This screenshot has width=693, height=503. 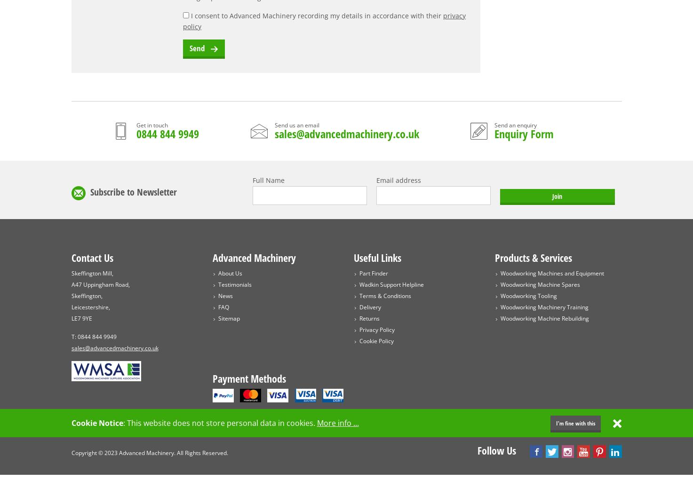 What do you see at coordinates (575, 423) in the screenshot?
I see `'I'm fine with this'` at bounding box center [575, 423].